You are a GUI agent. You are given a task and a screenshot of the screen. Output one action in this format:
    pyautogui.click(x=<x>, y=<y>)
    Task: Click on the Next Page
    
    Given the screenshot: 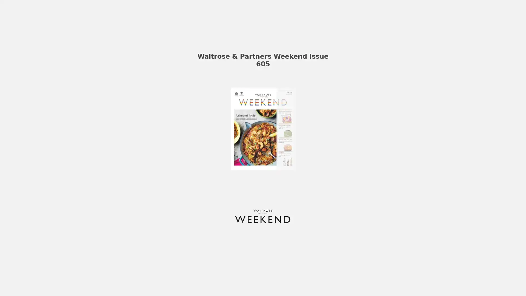 What is the action you would take?
    pyautogui.click(x=367, y=148)
    